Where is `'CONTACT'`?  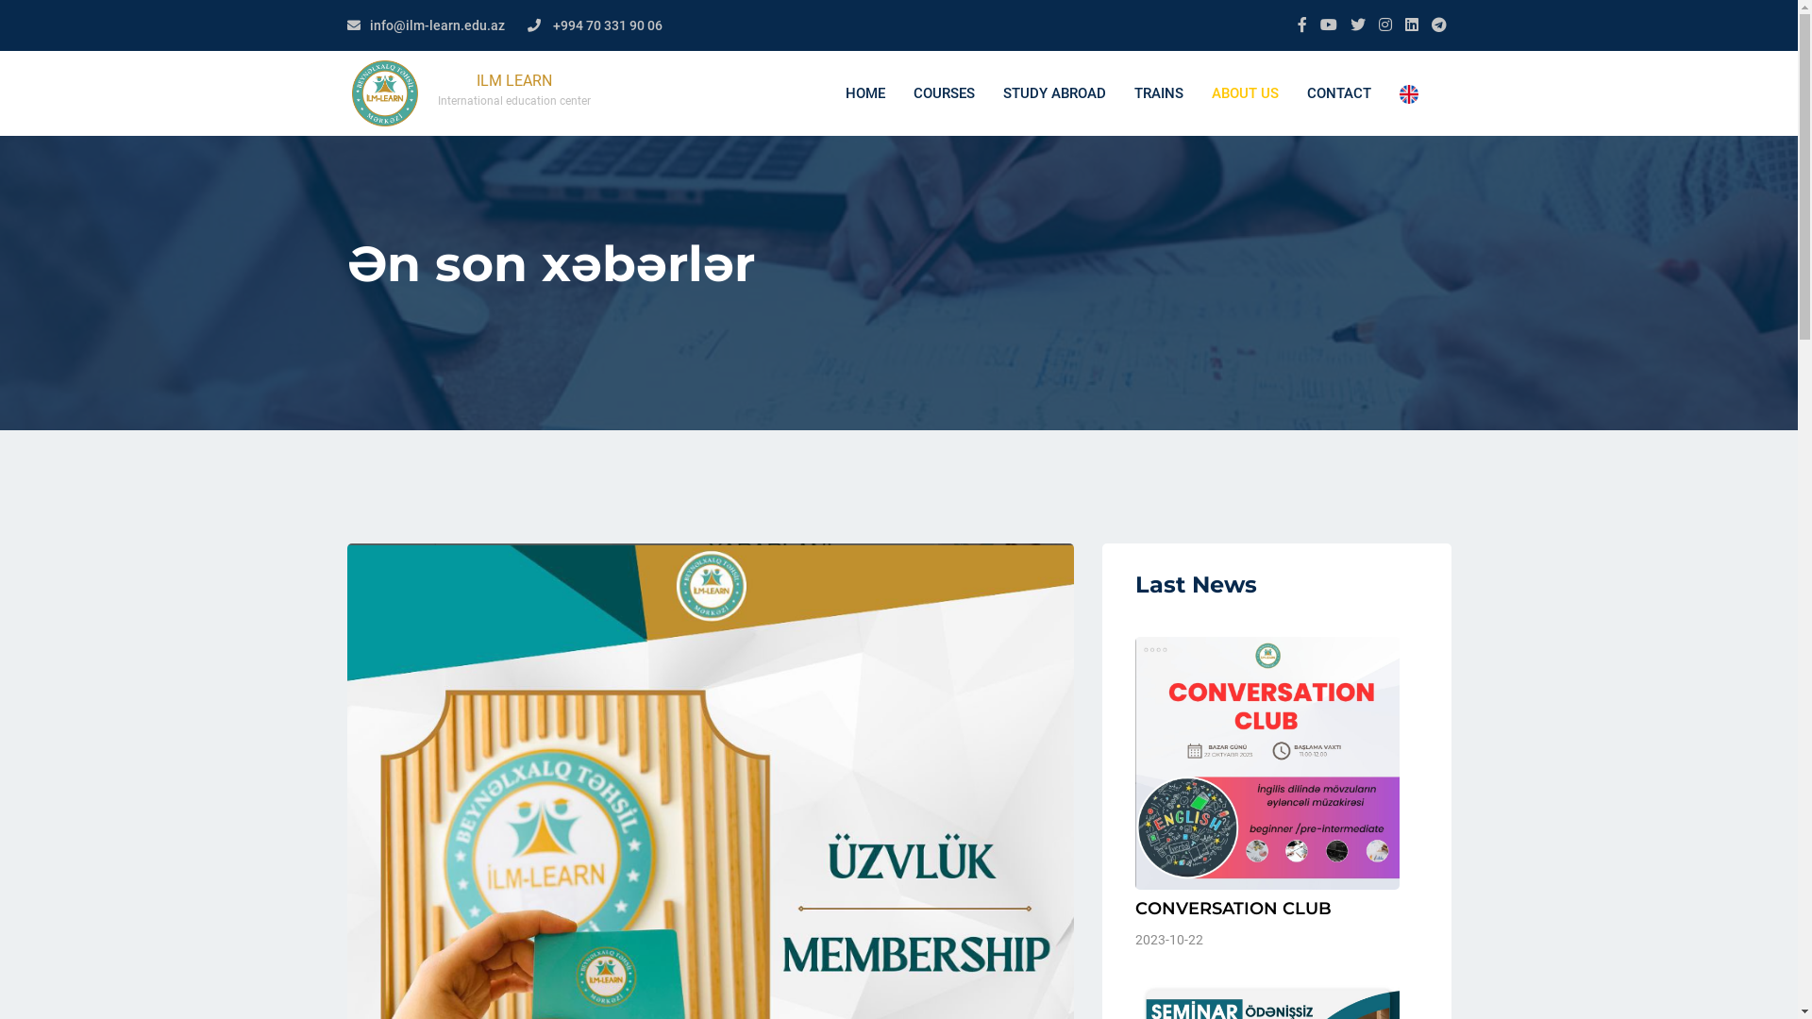 'CONTACT' is located at coordinates (1338, 93).